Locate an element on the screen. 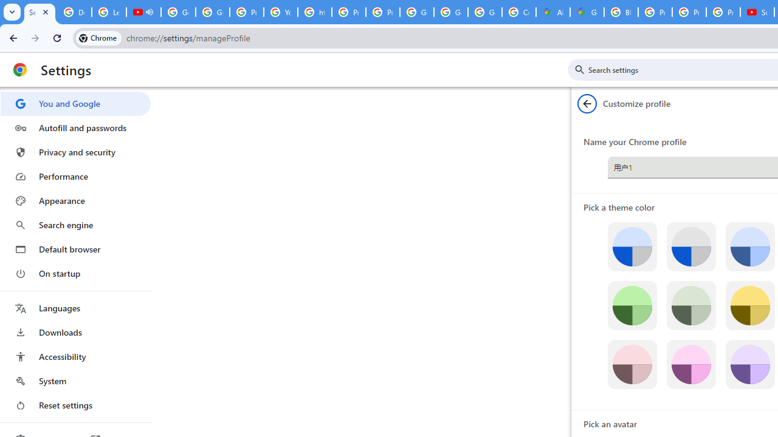 The width and height of the screenshot is (778, 437). 'Delete photos & videos - Computer - Google Photos Help' is located at coordinates (74, 12).